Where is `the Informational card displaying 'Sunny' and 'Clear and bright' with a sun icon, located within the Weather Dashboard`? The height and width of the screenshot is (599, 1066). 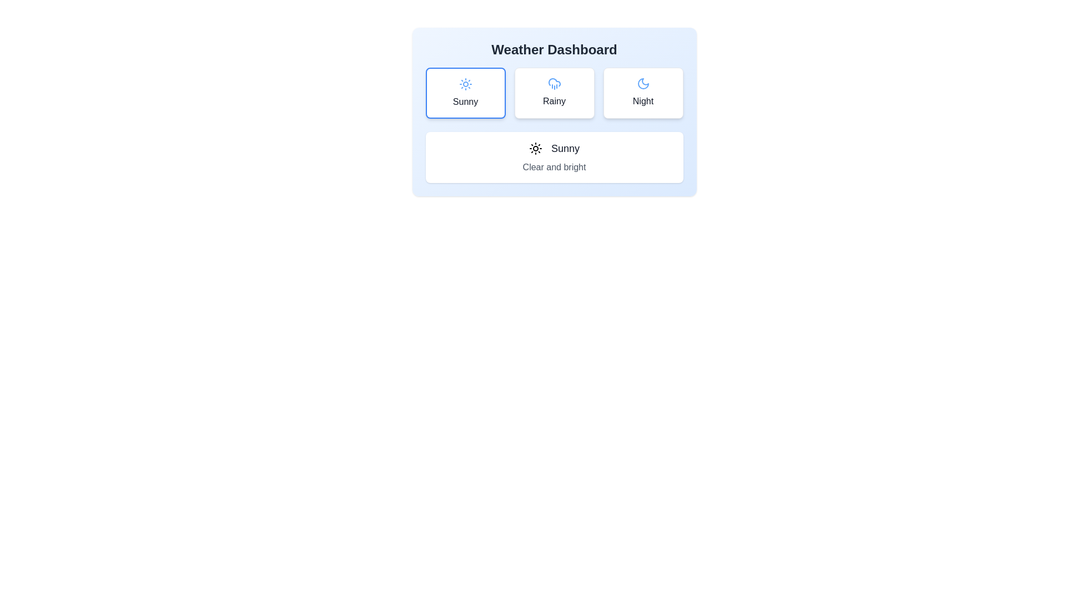
the Informational card displaying 'Sunny' and 'Clear and bright' with a sun icon, located within the Weather Dashboard is located at coordinates (554, 158).